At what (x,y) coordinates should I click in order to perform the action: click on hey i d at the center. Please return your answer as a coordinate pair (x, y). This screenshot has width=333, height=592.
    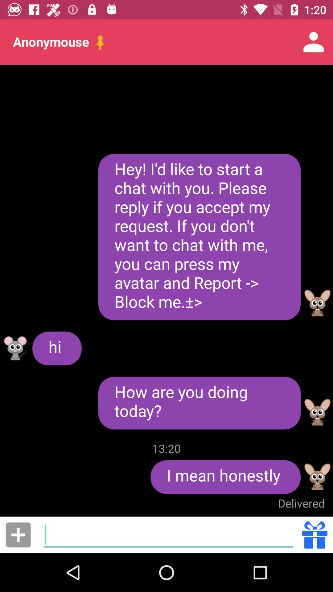
    Looking at the image, I should click on (199, 236).